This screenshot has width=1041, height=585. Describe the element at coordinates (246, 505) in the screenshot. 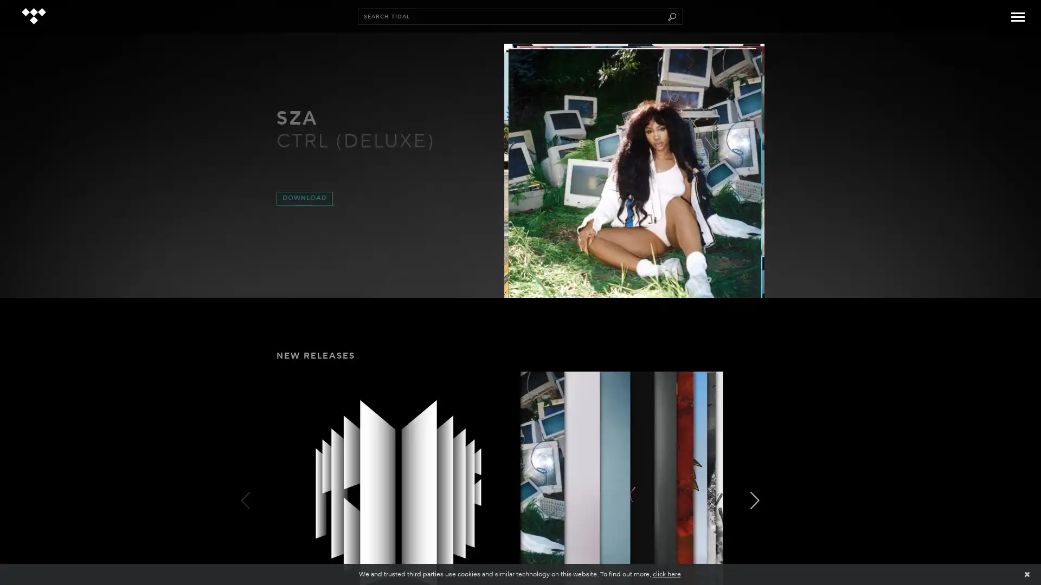

I see `PREV` at that location.